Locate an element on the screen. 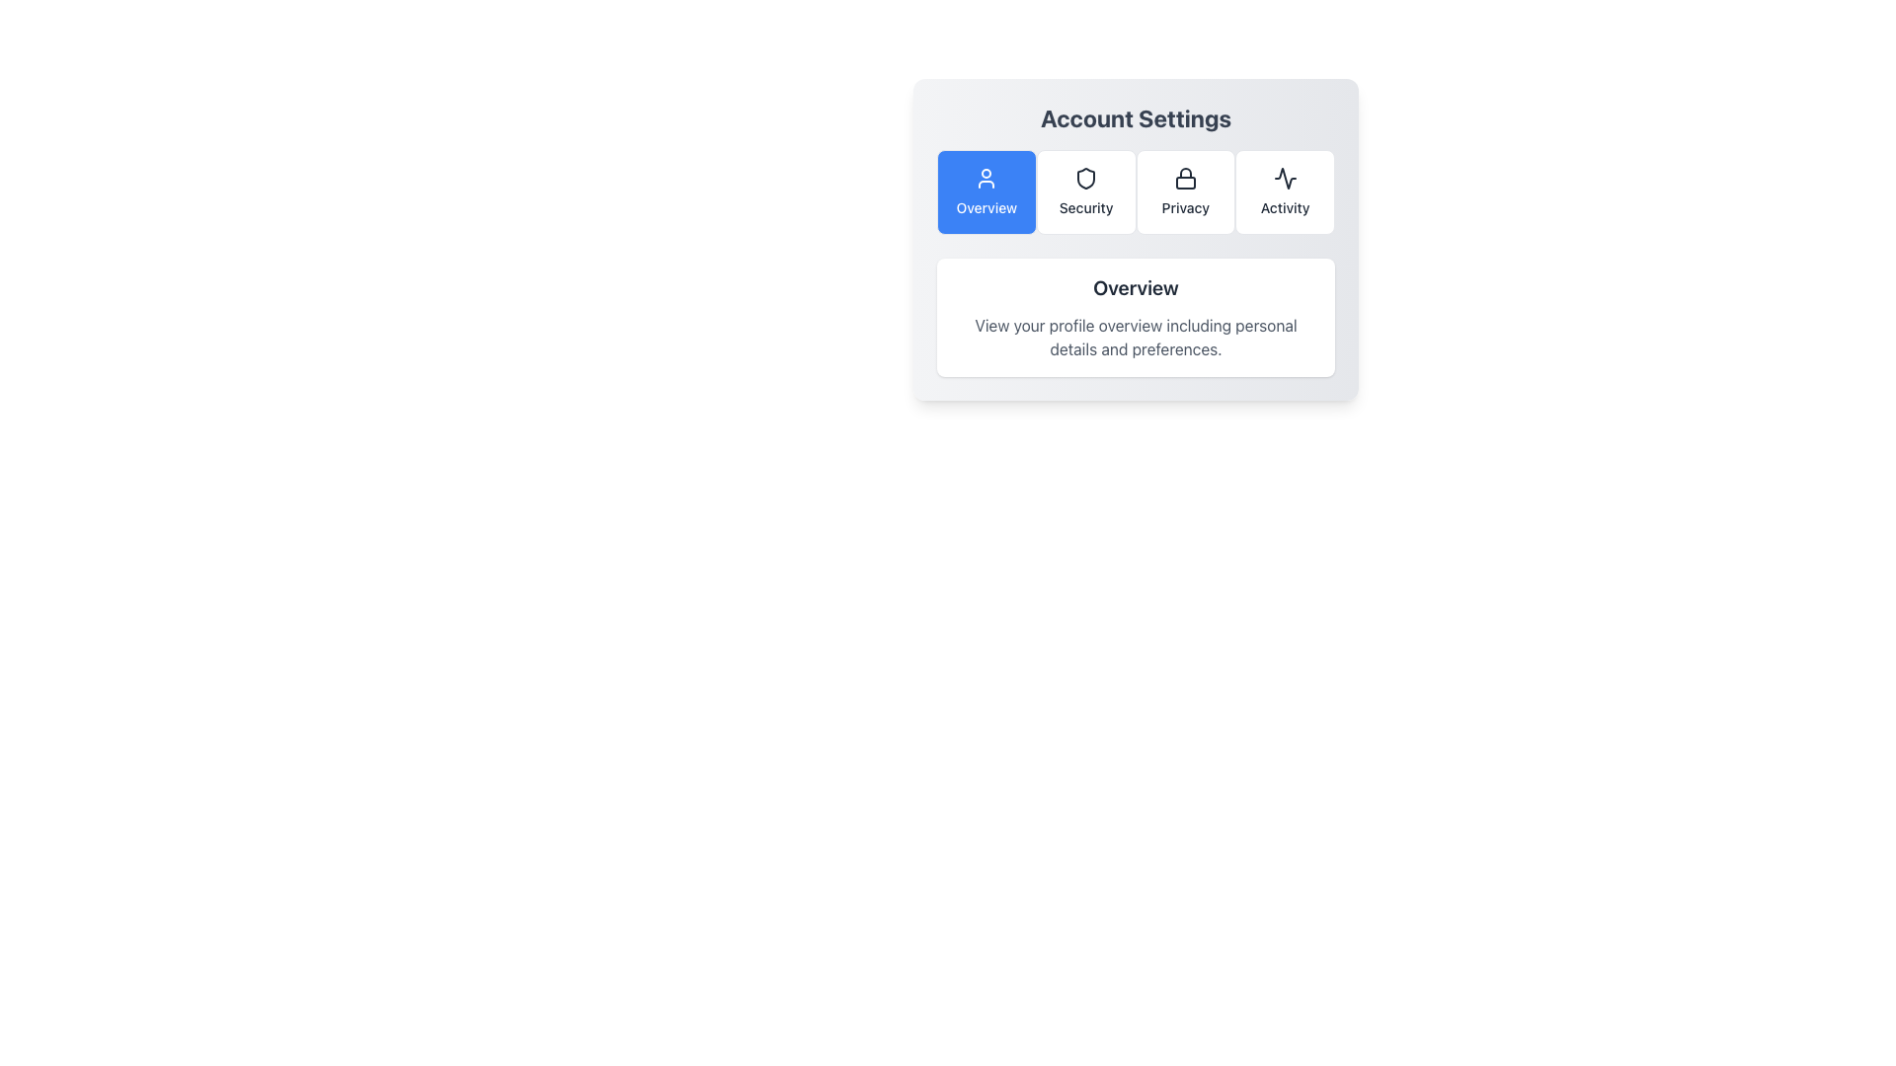  the button that navigates to the Privacy settings, located as the third item in a horizontal row of buttons, between the 'Security' button and the 'Activity' button is located at coordinates (1185, 192).